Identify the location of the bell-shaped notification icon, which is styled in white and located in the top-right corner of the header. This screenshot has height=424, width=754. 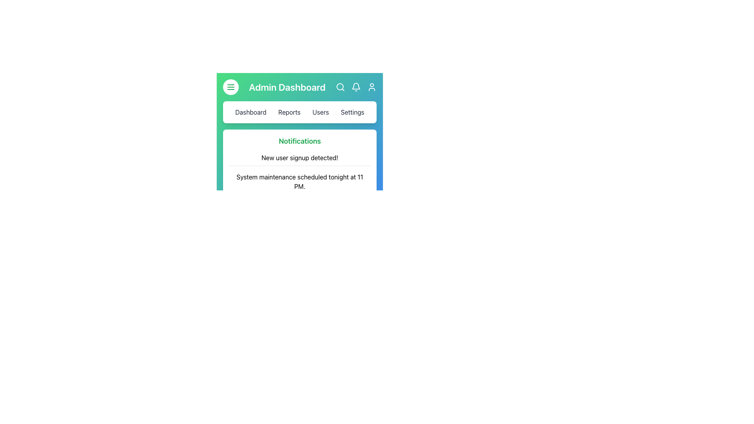
(356, 87).